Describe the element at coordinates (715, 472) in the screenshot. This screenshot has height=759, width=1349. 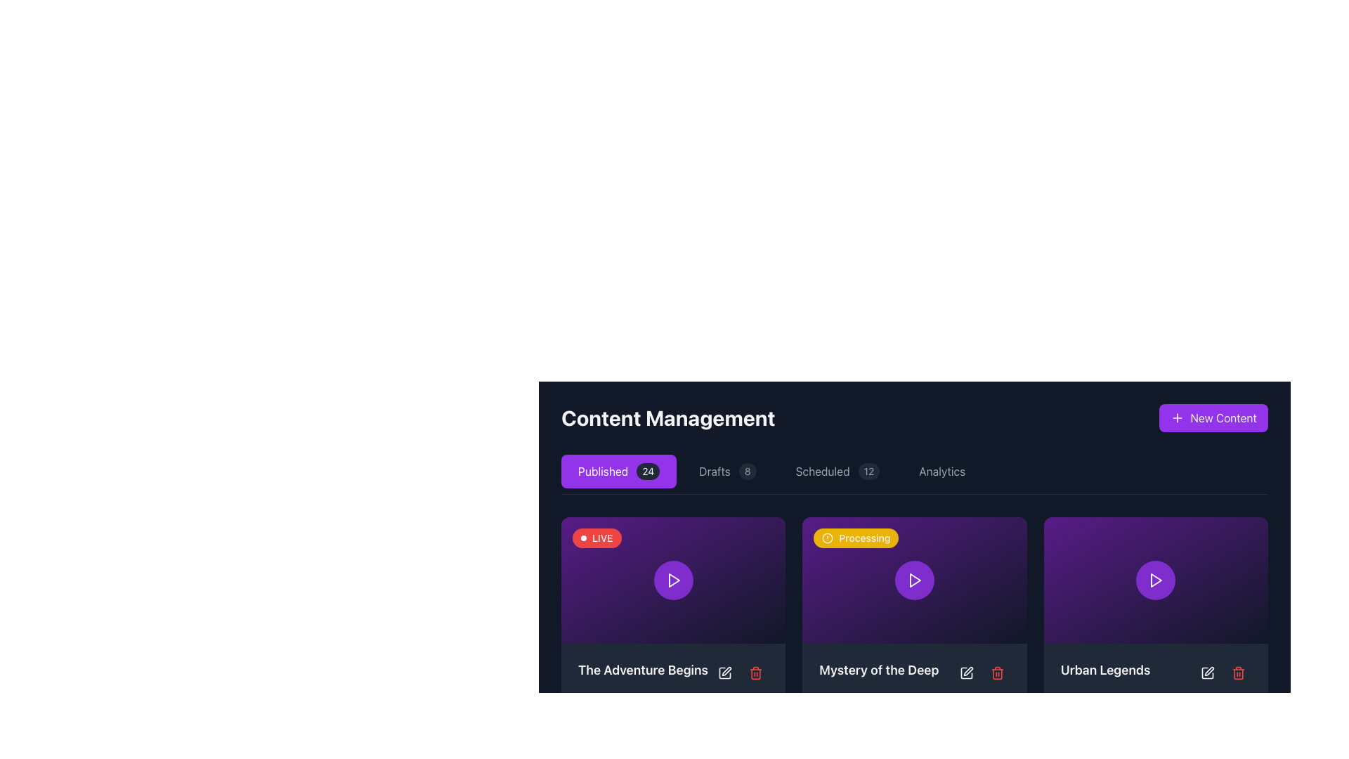
I see `the 'Drafts' text label in the horizontal navigation bar` at that location.